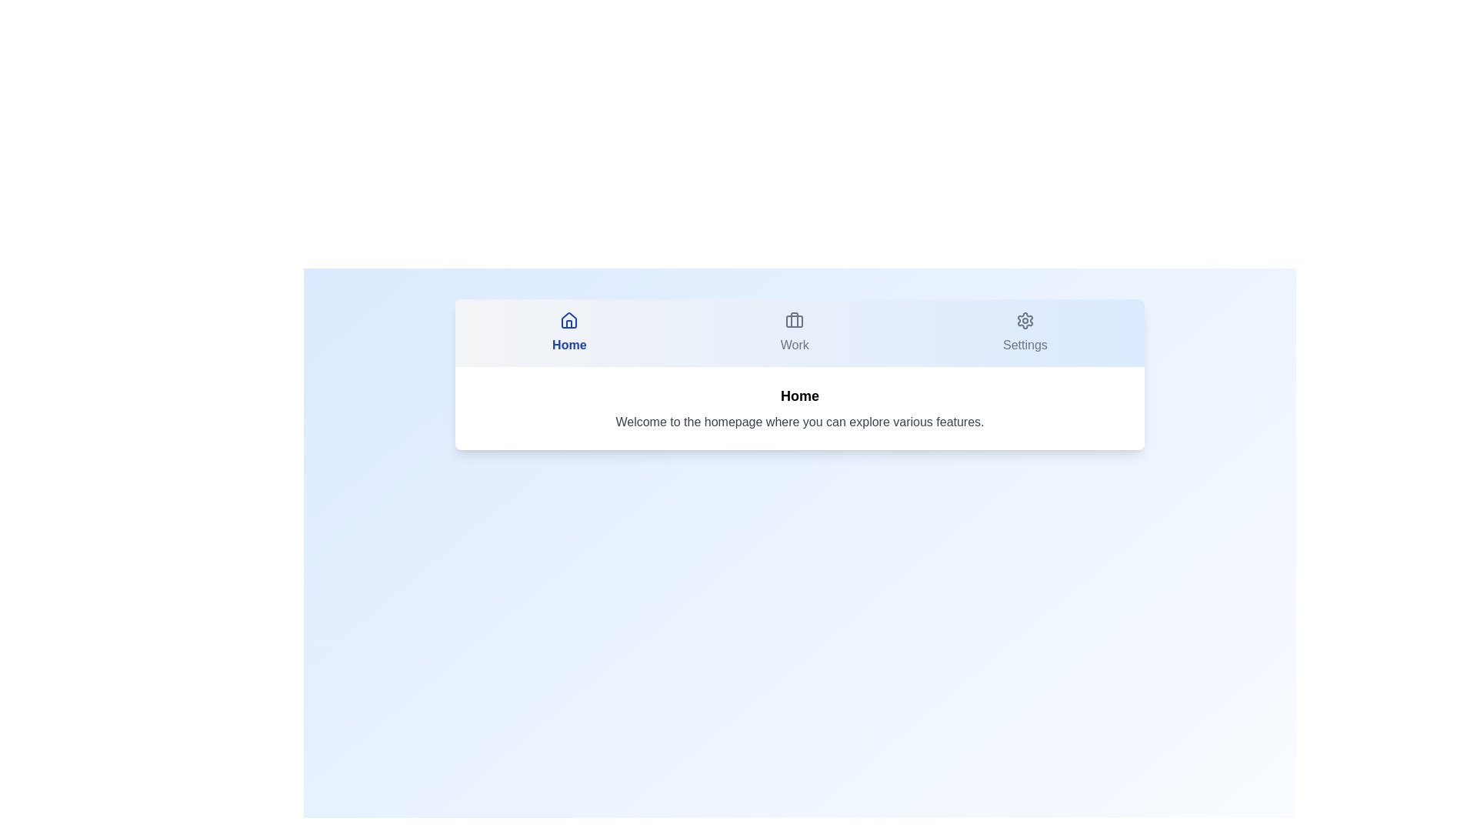  I want to click on the Settings tab by clicking its corresponding button, so click(1025, 332).